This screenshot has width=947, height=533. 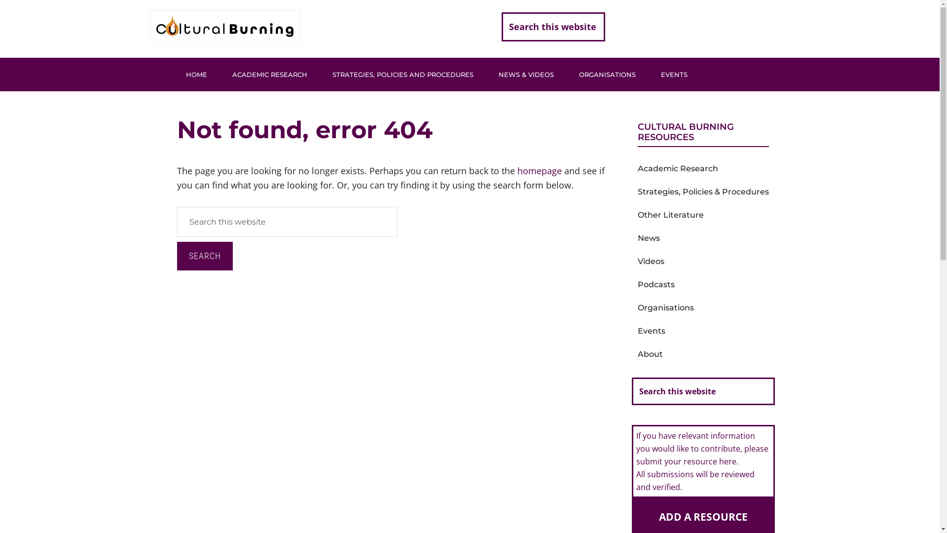 I want to click on 'HOME', so click(x=196, y=71).